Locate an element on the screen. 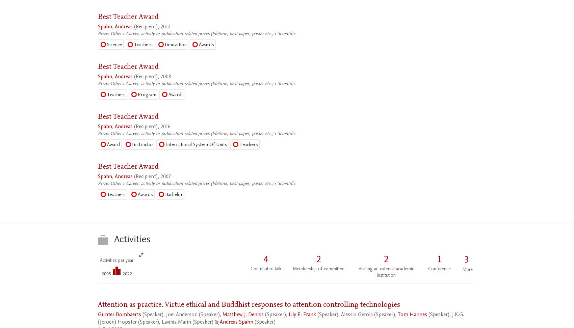 Image resolution: width=574 pixels, height=328 pixels. '2008' is located at coordinates (165, 76).